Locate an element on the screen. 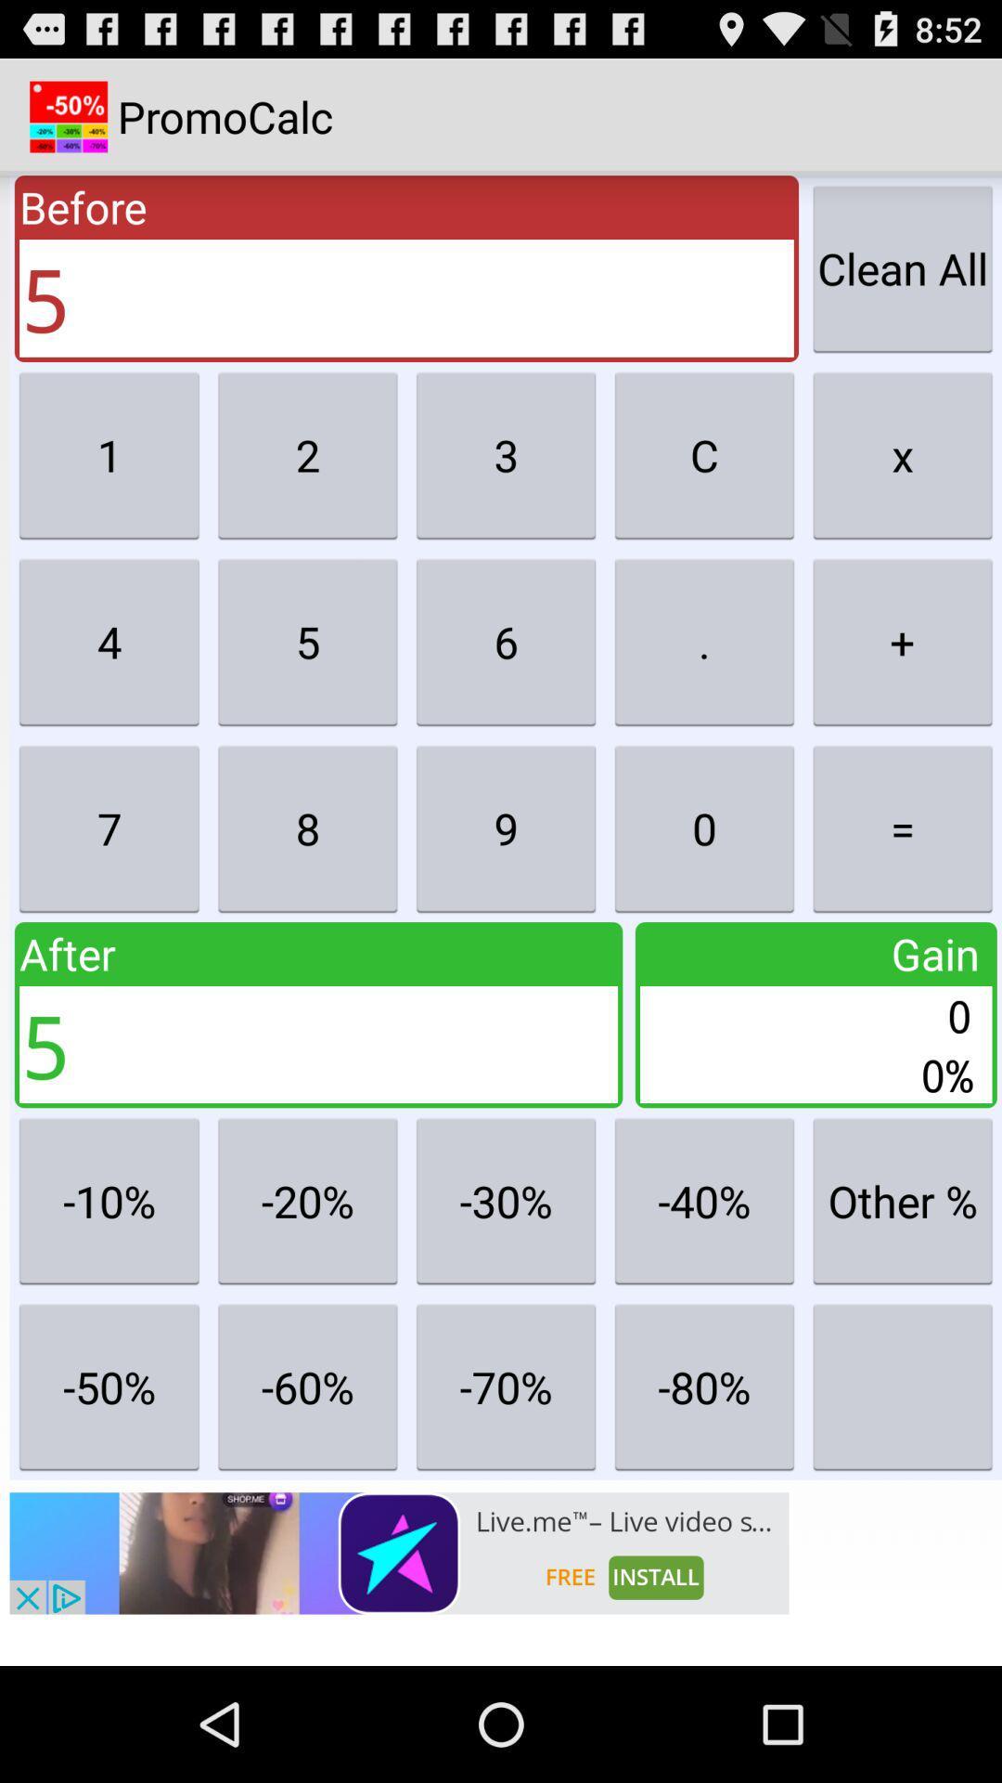 The height and width of the screenshot is (1783, 1002). the number next to 9 is located at coordinates (704, 827).